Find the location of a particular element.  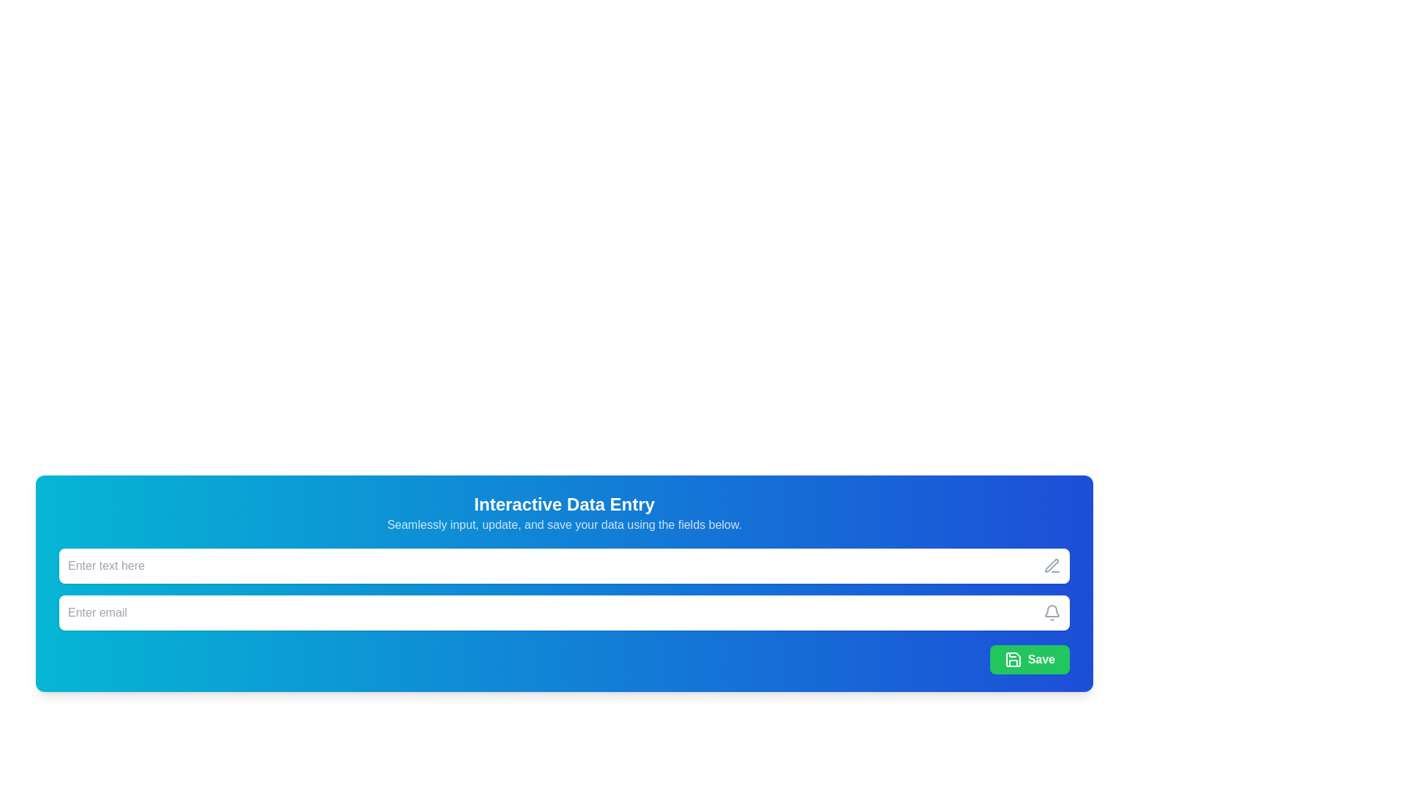

the small gray pen-shaped icon located at the far-right edge of the text input field under the 'Interactive Data Entry' header is located at coordinates (1052, 565).